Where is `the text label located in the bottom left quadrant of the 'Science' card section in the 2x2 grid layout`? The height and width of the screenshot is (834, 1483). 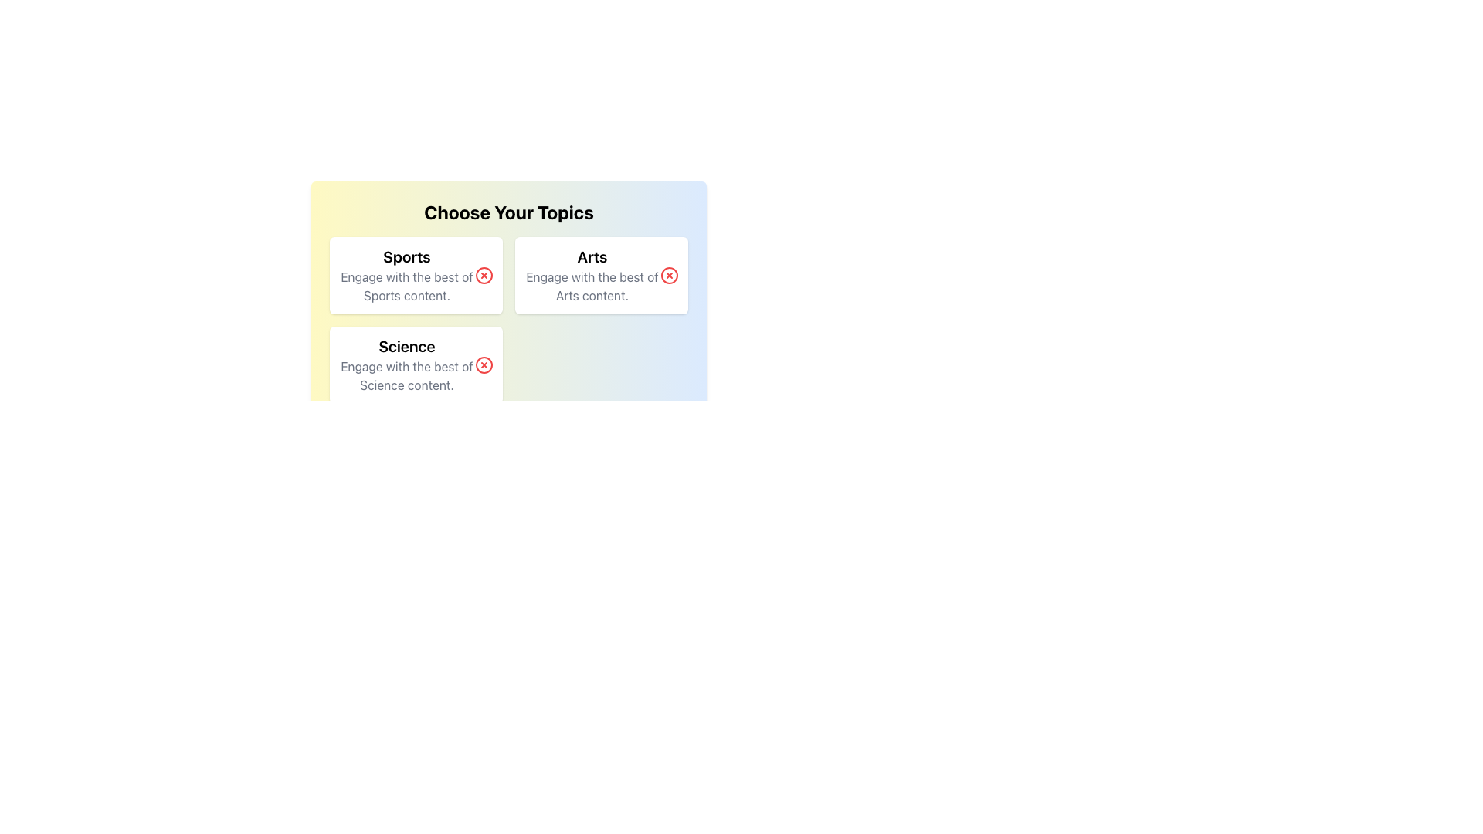
the text label located in the bottom left quadrant of the 'Science' card section in the 2x2 grid layout is located at coordinates (407, 375).